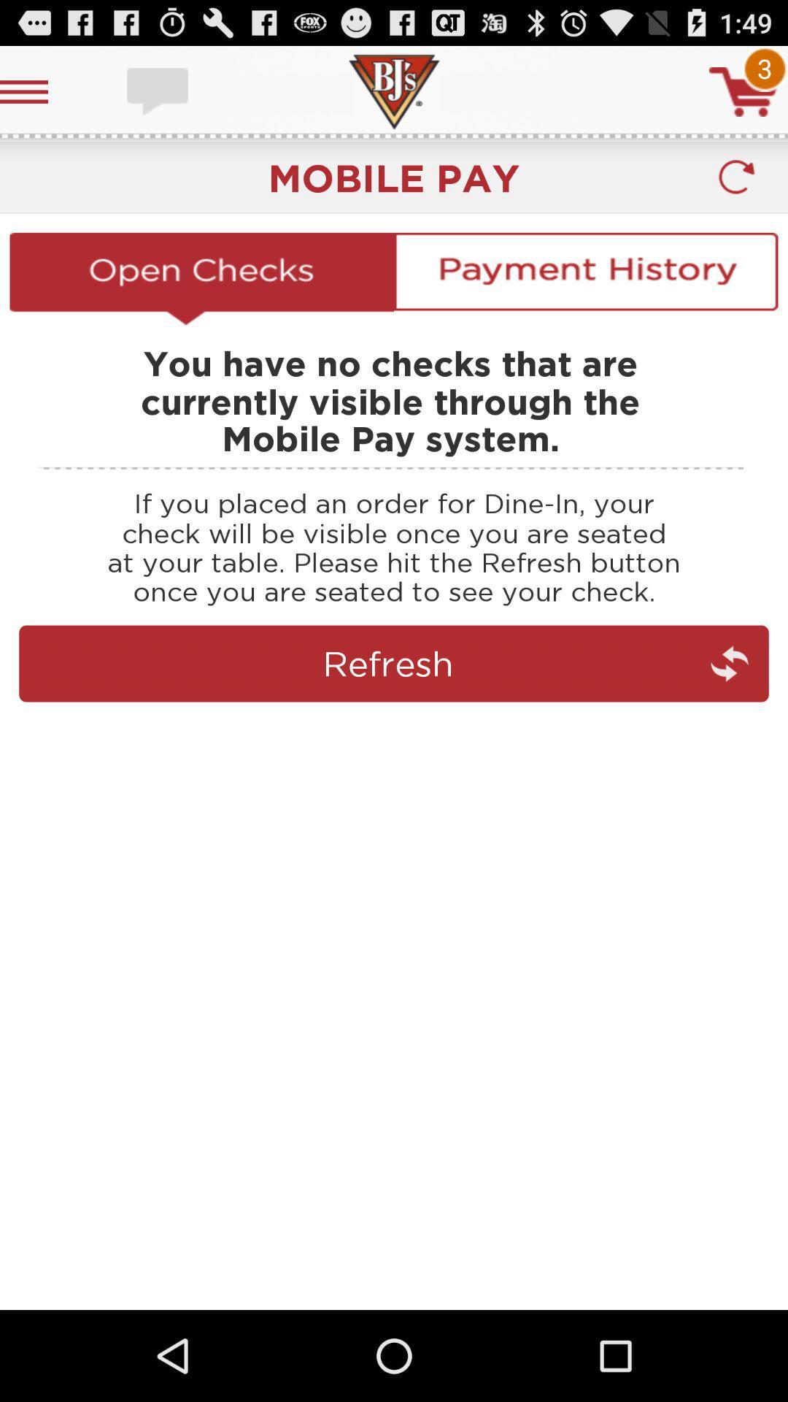  I want to click on payment history button, so click(585, 278).